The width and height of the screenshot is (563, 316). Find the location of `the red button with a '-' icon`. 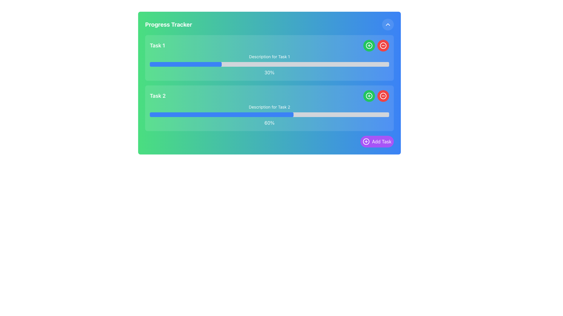

the red button with a '-' icon is located at coordinates (376, 45).